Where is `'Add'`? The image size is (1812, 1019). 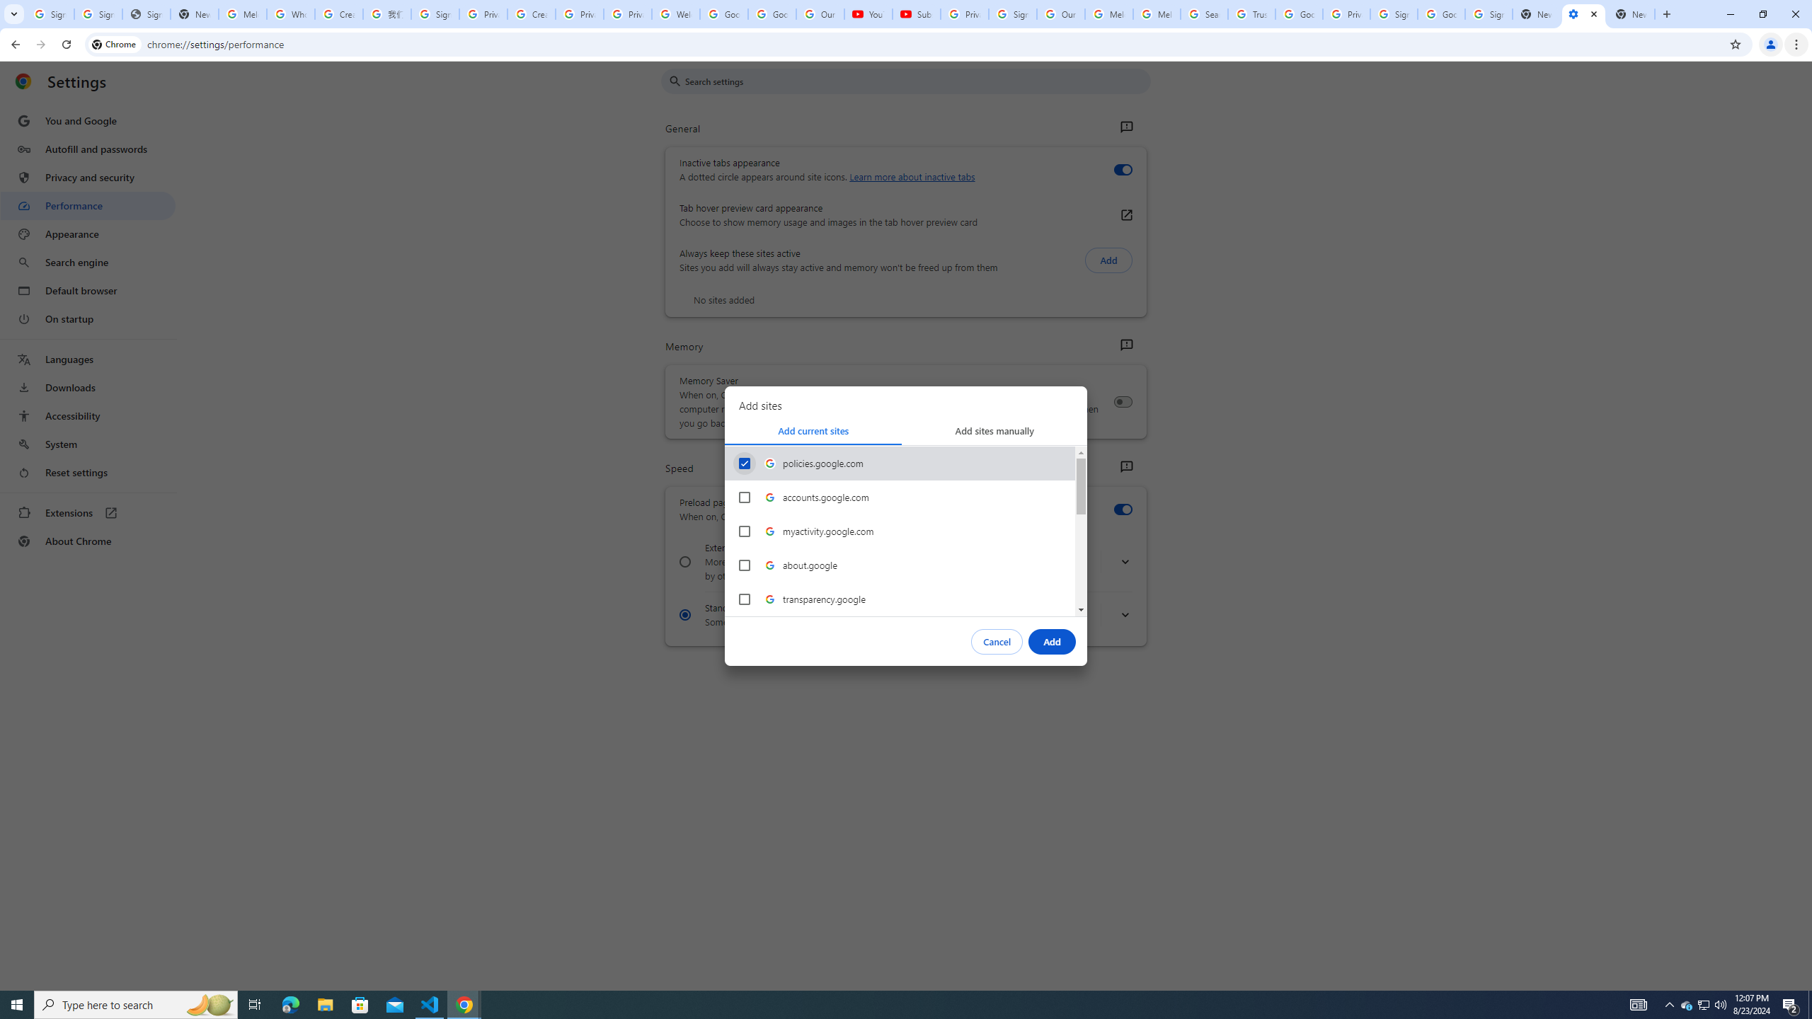
'Add' is located at coordinates (1053, 640).